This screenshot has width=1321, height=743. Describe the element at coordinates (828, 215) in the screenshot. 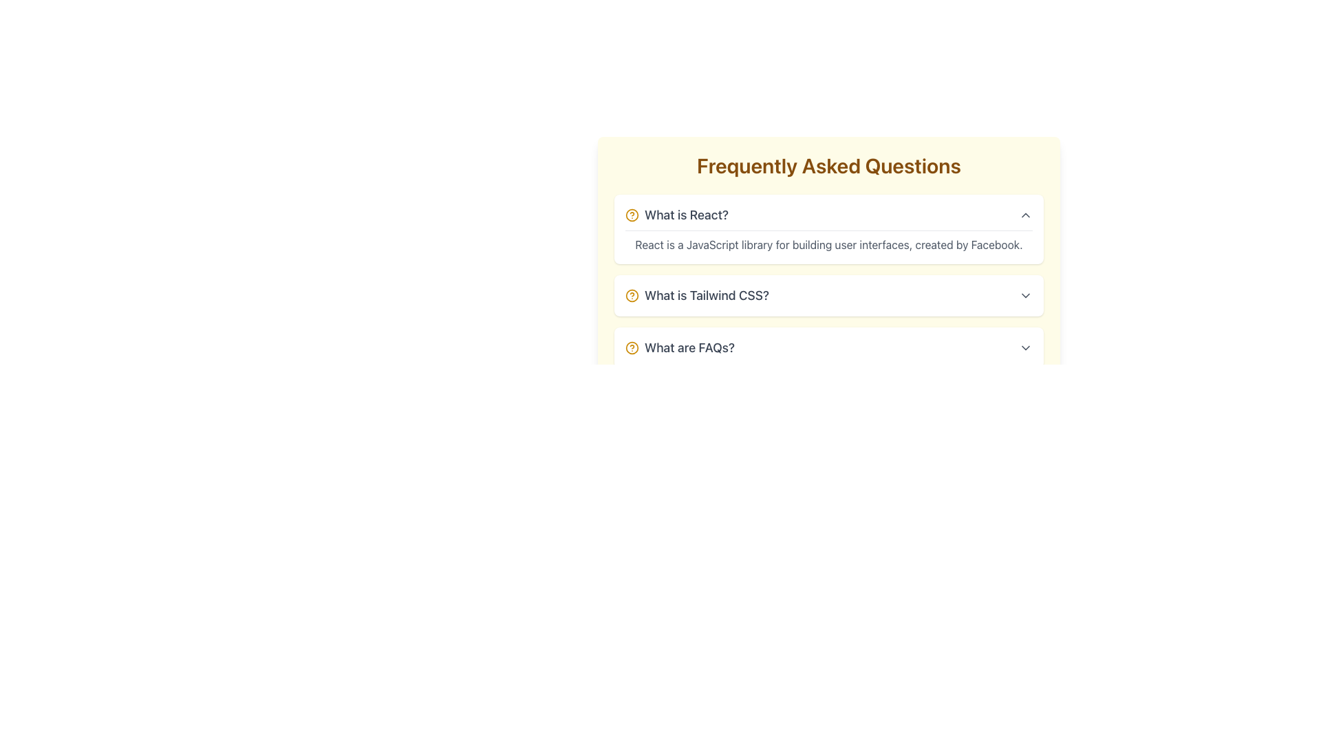

I see `the clickable header for the question 'What is React?' located in the 'Frequently Asked Questions' section for keyboard navigation` at that location.